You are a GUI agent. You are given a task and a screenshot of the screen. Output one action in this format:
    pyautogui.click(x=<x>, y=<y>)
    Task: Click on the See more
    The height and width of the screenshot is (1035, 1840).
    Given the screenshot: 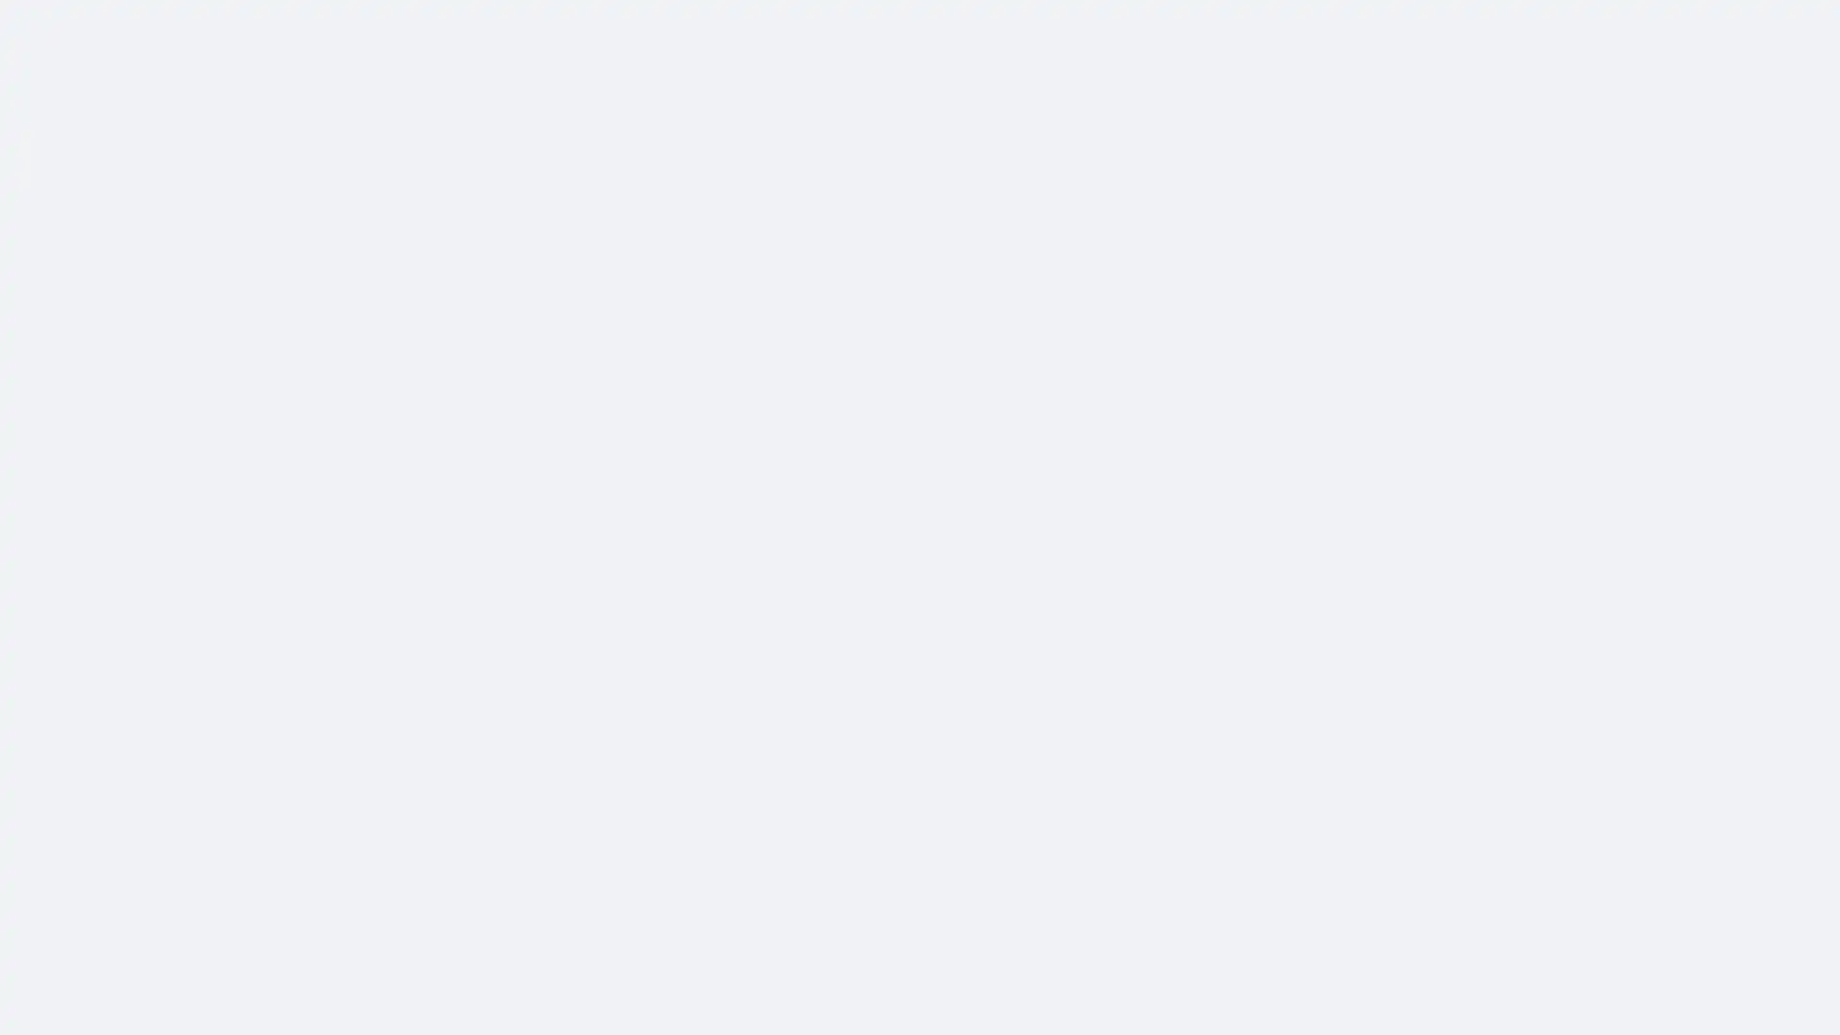 What is the action you would take?
    pyautogui.click(x=731, y=493)
    